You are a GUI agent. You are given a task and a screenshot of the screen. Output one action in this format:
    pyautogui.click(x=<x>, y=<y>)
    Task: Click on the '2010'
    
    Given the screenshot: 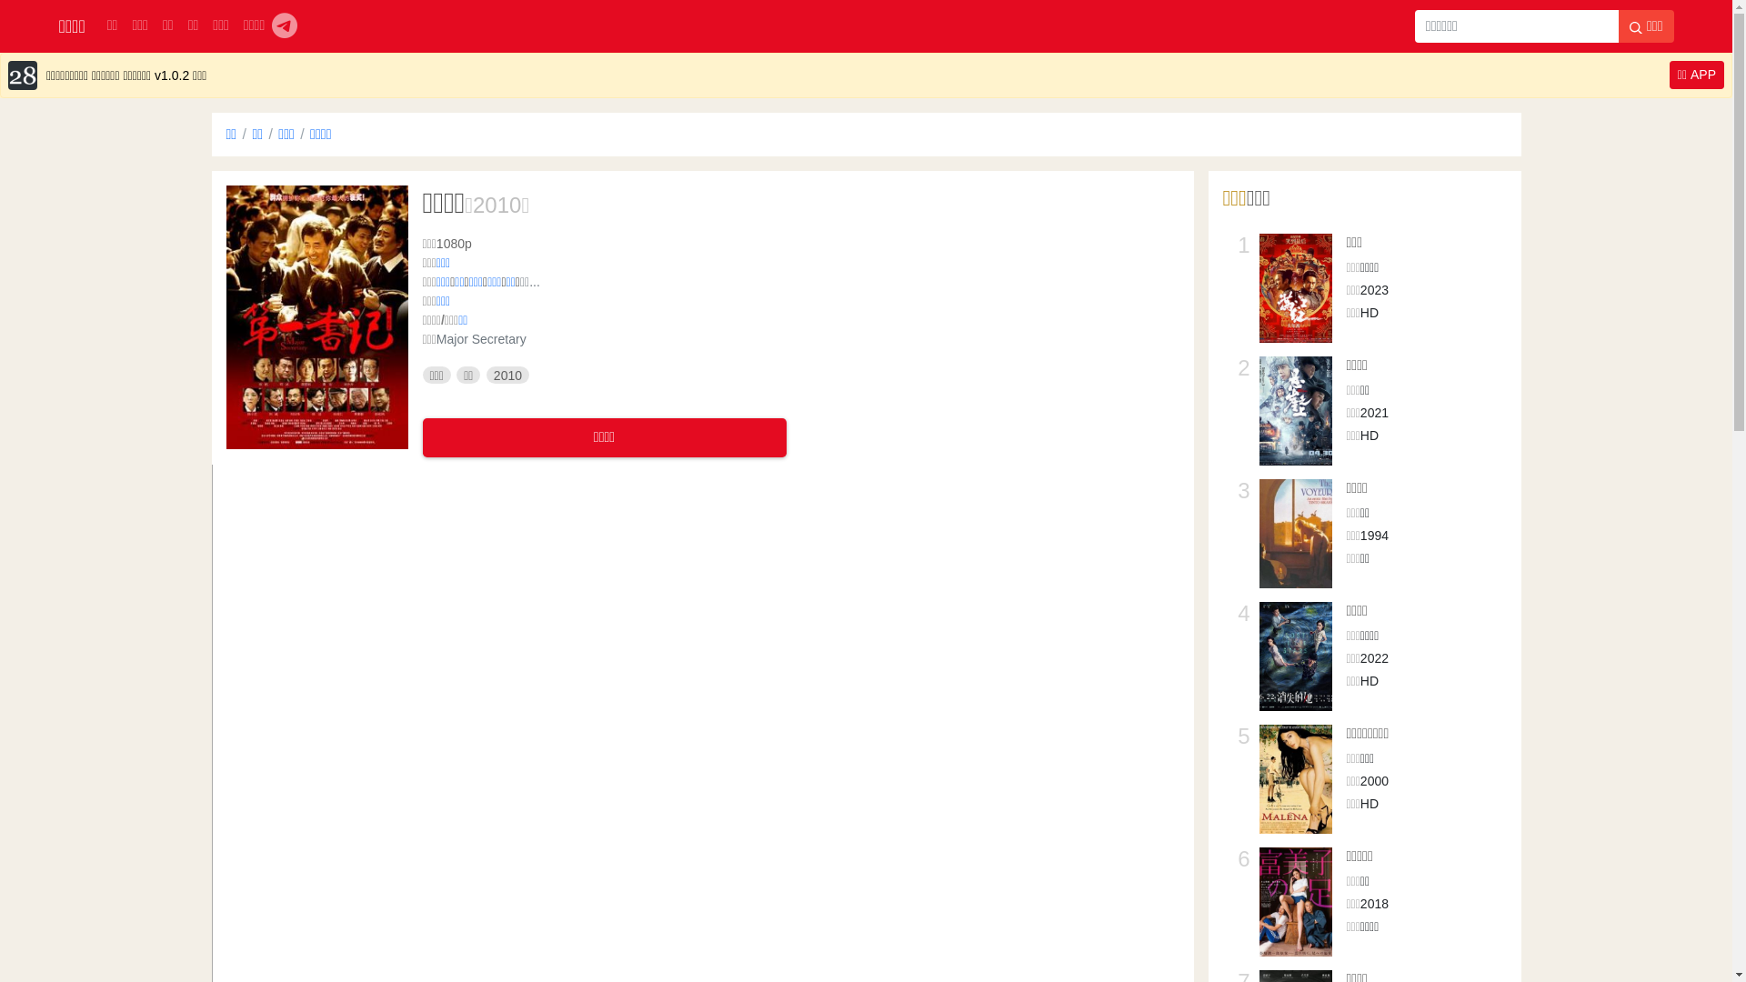 What is the action you would take?
    pyautogui.click(x=507, y=374)
    